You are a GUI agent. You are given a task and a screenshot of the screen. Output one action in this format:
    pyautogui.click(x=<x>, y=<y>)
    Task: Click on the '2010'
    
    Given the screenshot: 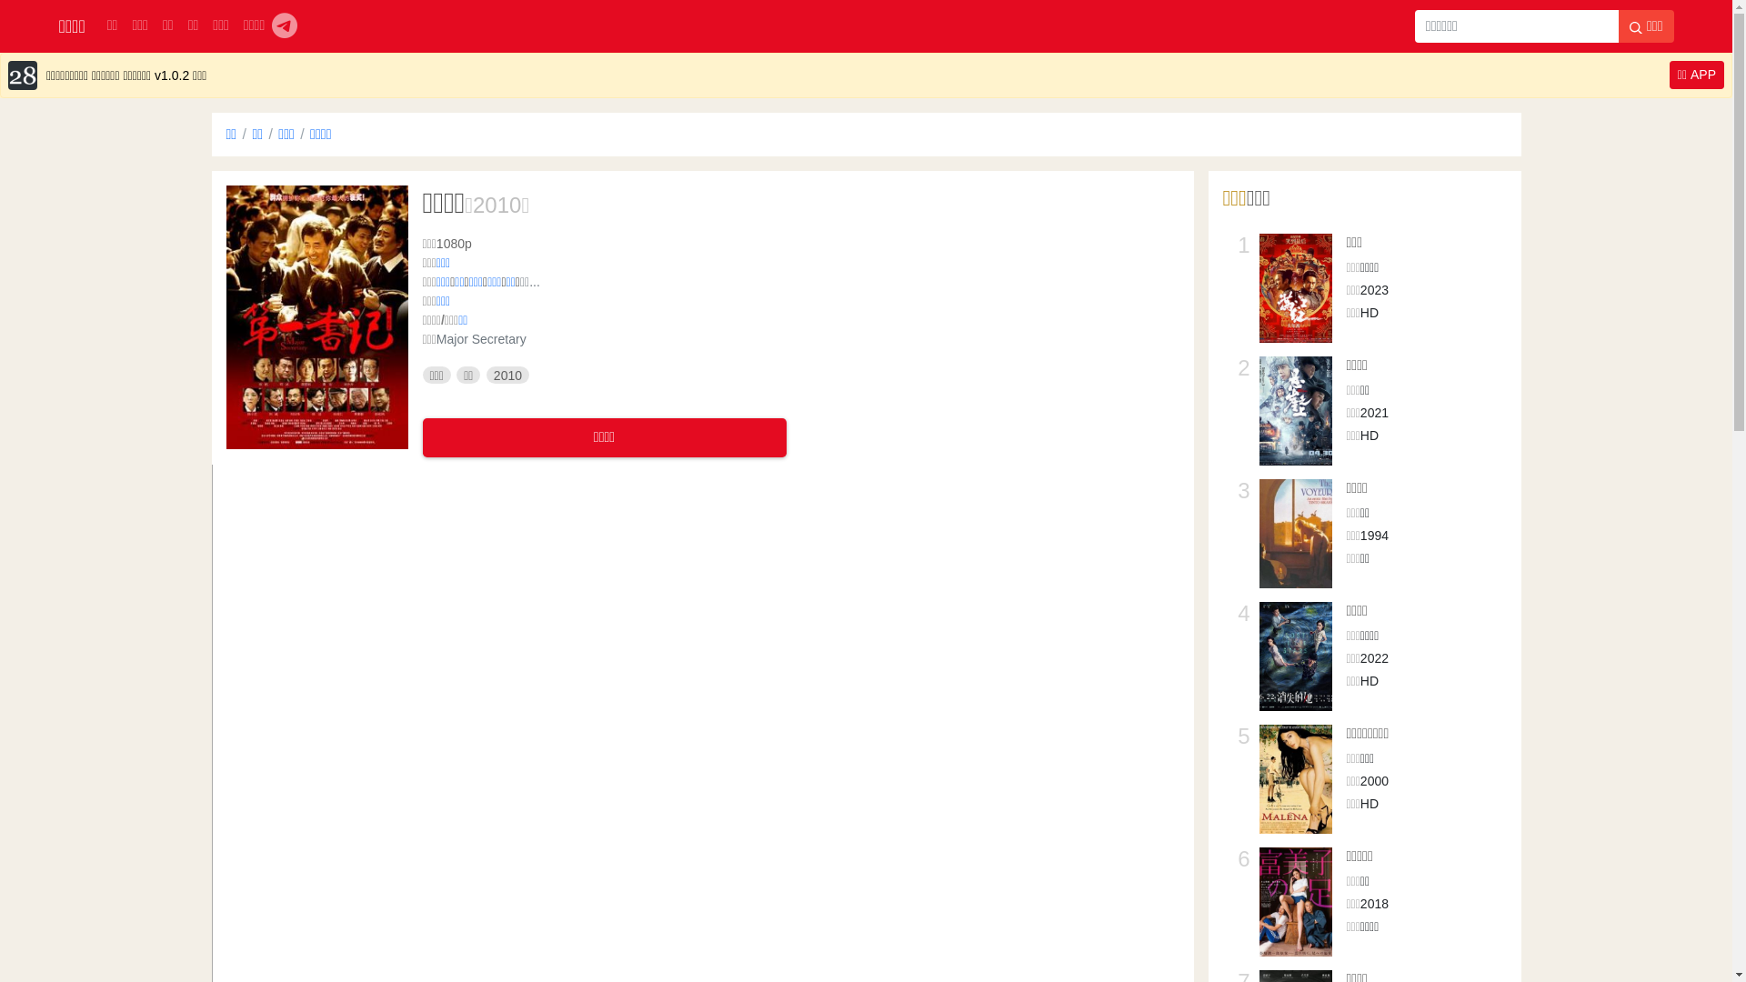 What is the action you would take?
    pyautogui.click(x=507, y=374)
    